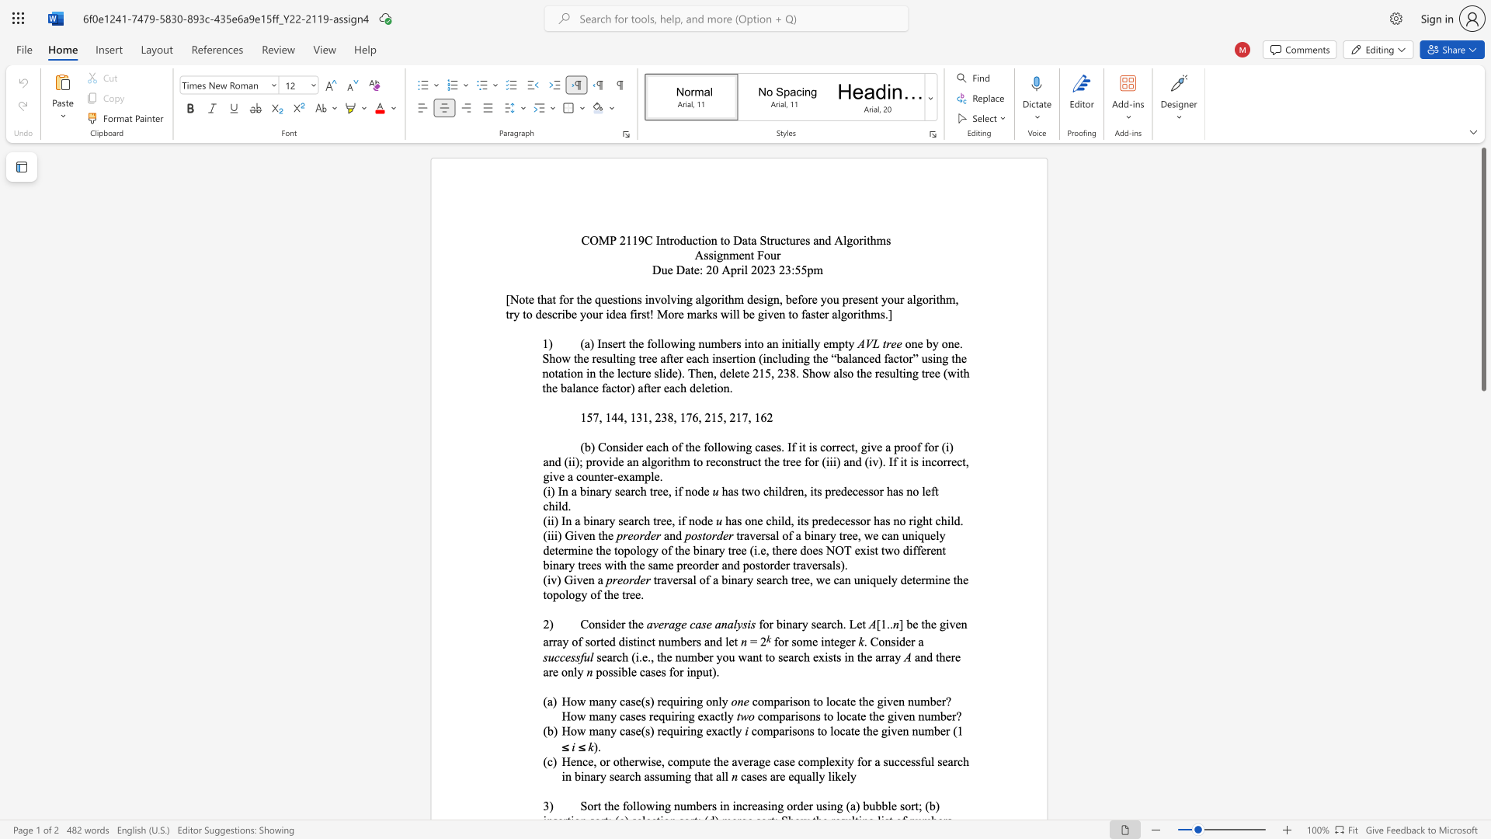  Describe the element at coordinates (808, 314) in the screenshot. I see `the 6th character "a" in the text` at that location.